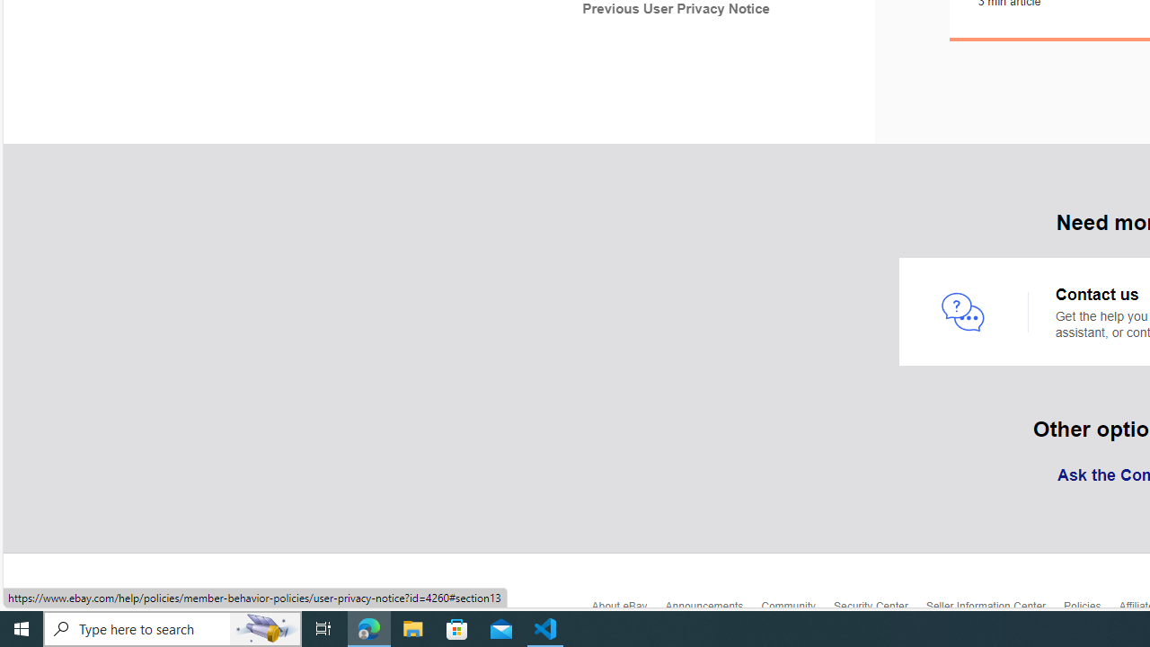  What do you see at coordinates (796, 609) in the screenshot?
I see `'Community'` at bounding box center [796, 609].